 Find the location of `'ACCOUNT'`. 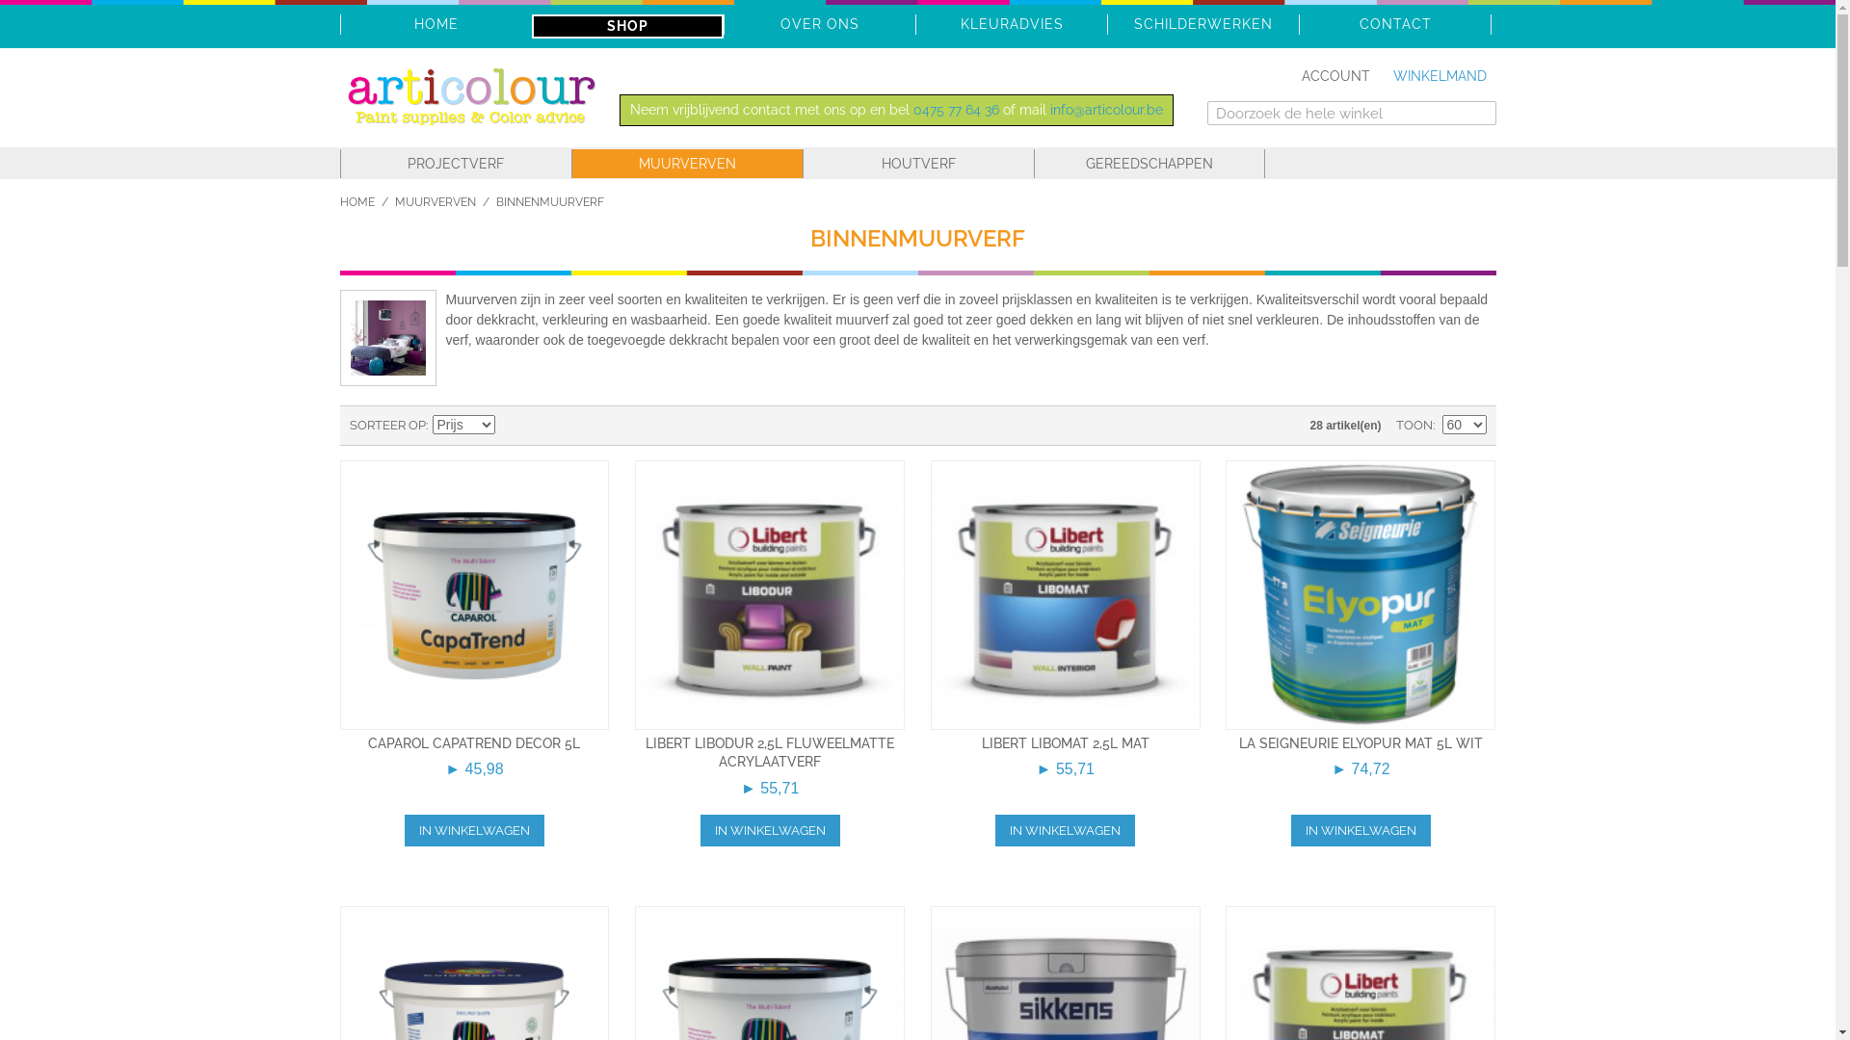

'ACCOUNT' is located at coordinates (1334, 76).